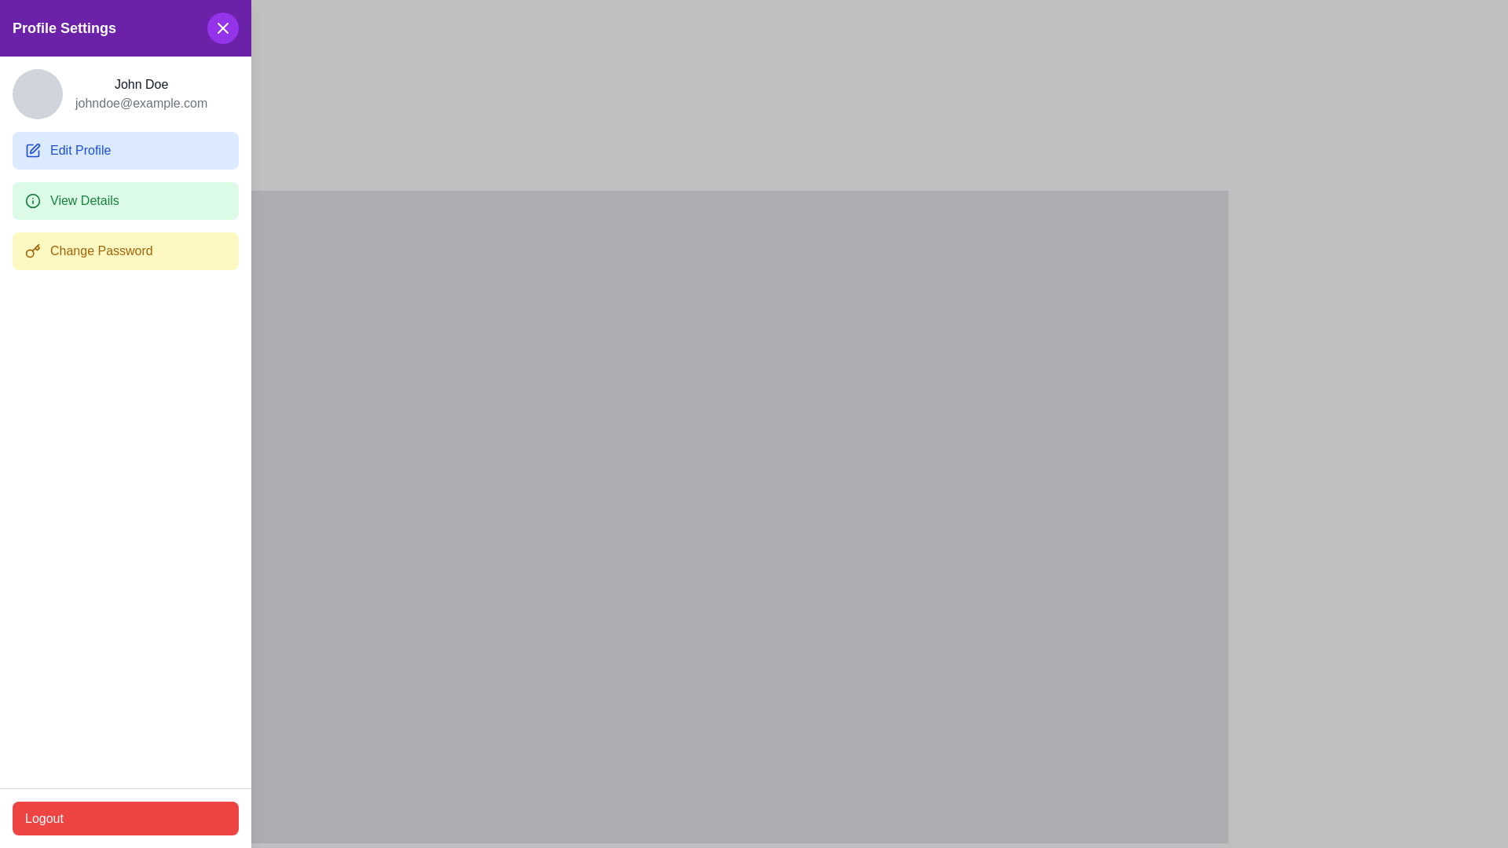 This screenshot has height=848, width=1508. What do you see at coordinates (141, 85) in the screenshot?
I see `the text label displaying 'John Doe', which is styled in bold and located directly below the profile icon in the top-left corner of the interface` at bounding box center [141, 85].